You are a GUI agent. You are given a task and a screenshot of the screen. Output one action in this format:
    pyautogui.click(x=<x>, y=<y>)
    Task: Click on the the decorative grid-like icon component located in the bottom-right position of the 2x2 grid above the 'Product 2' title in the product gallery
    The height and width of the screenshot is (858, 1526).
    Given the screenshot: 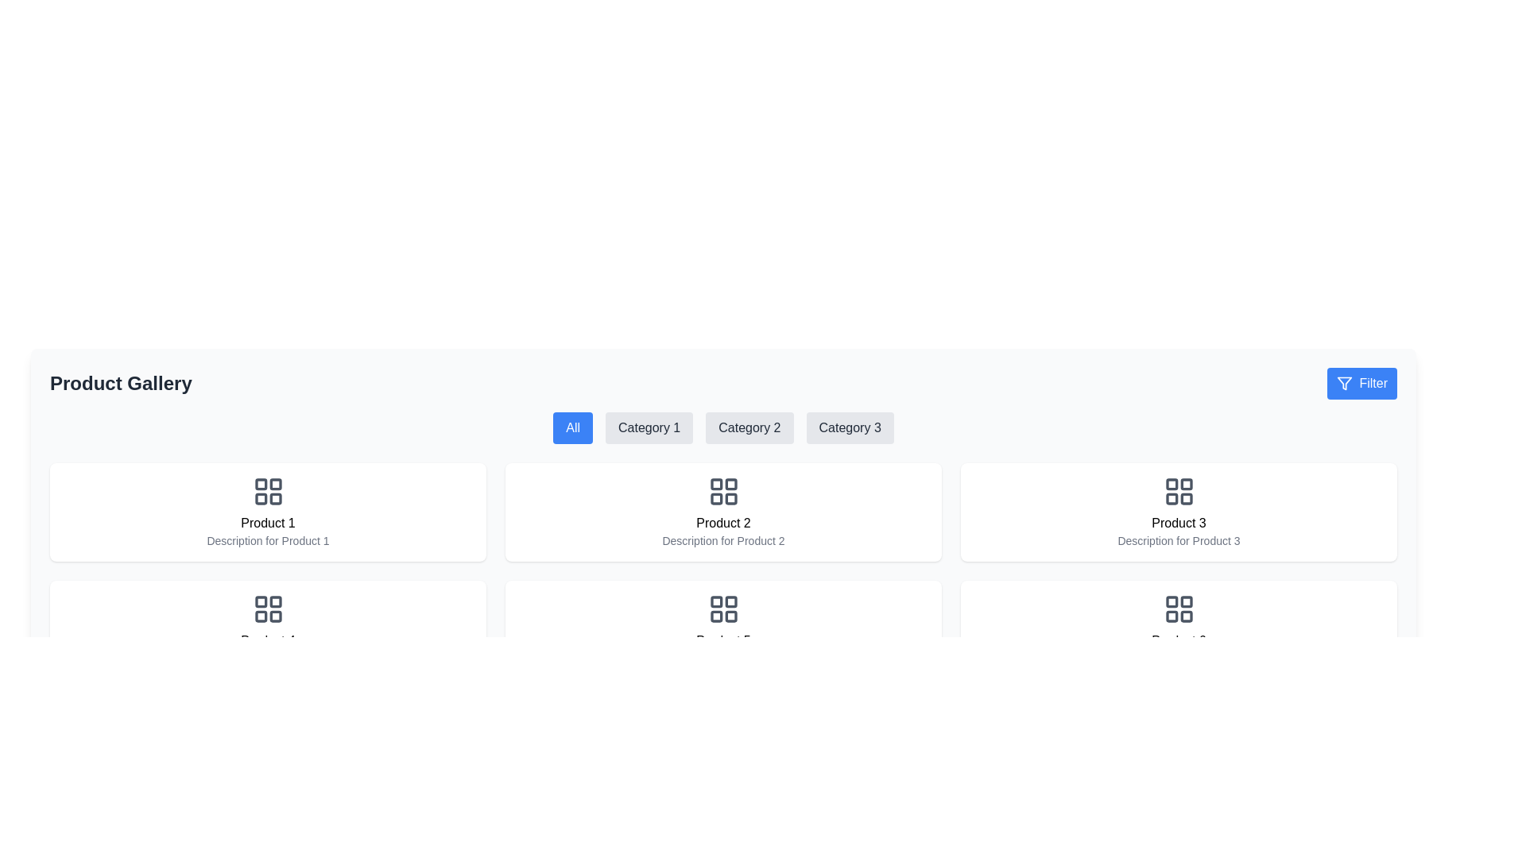 What is the action you would take?
    pyautogui.click(x=275, y=616)
    